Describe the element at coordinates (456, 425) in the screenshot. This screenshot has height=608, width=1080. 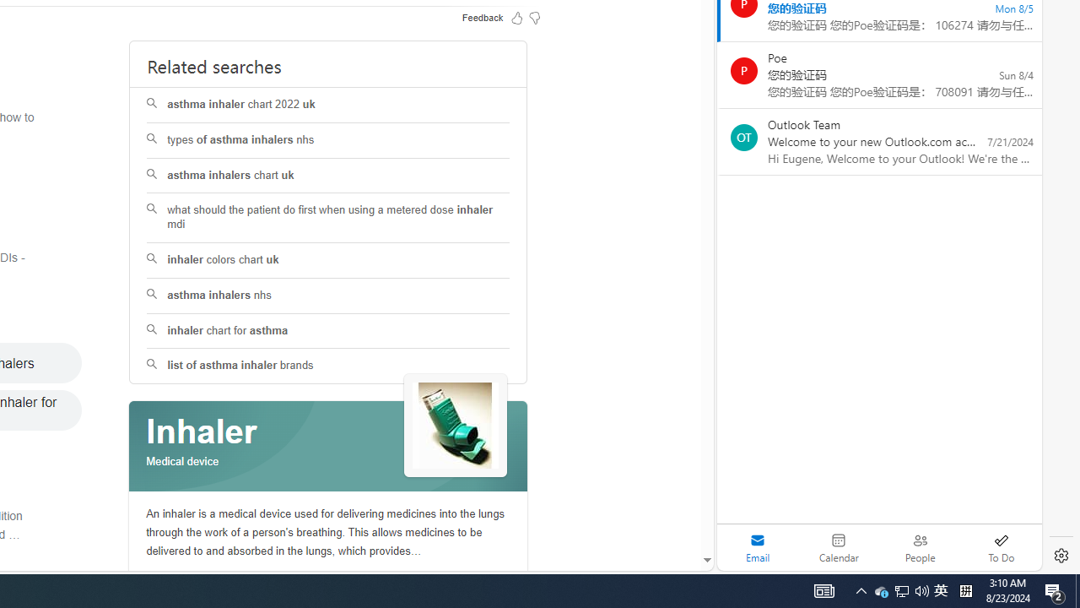
I see `'See more images of Inhaler'` at that location.